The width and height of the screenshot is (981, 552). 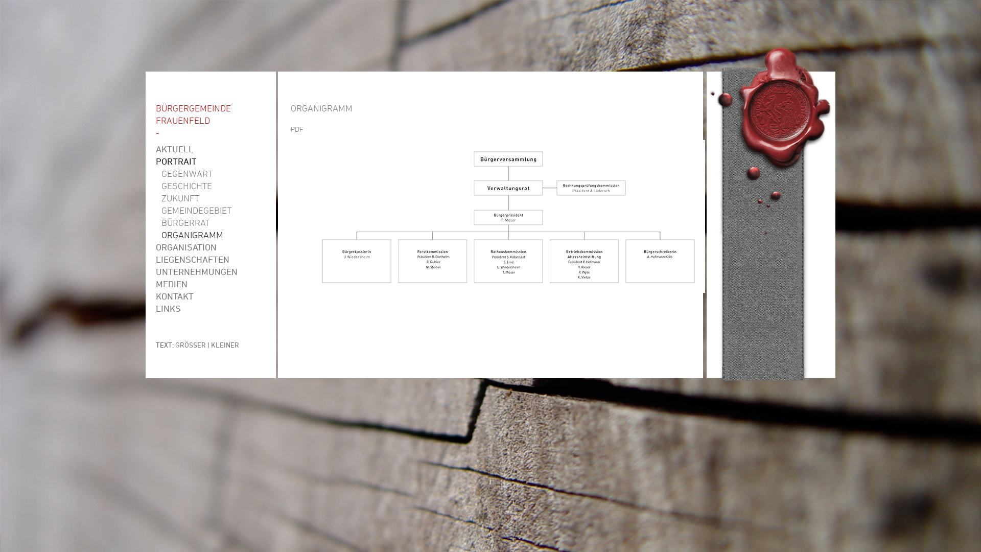 What do you see at coordinates (210, 259) in the screenshot?
I see `'LIEGENSCHAFTEN'` at bounding box center [210, 259].